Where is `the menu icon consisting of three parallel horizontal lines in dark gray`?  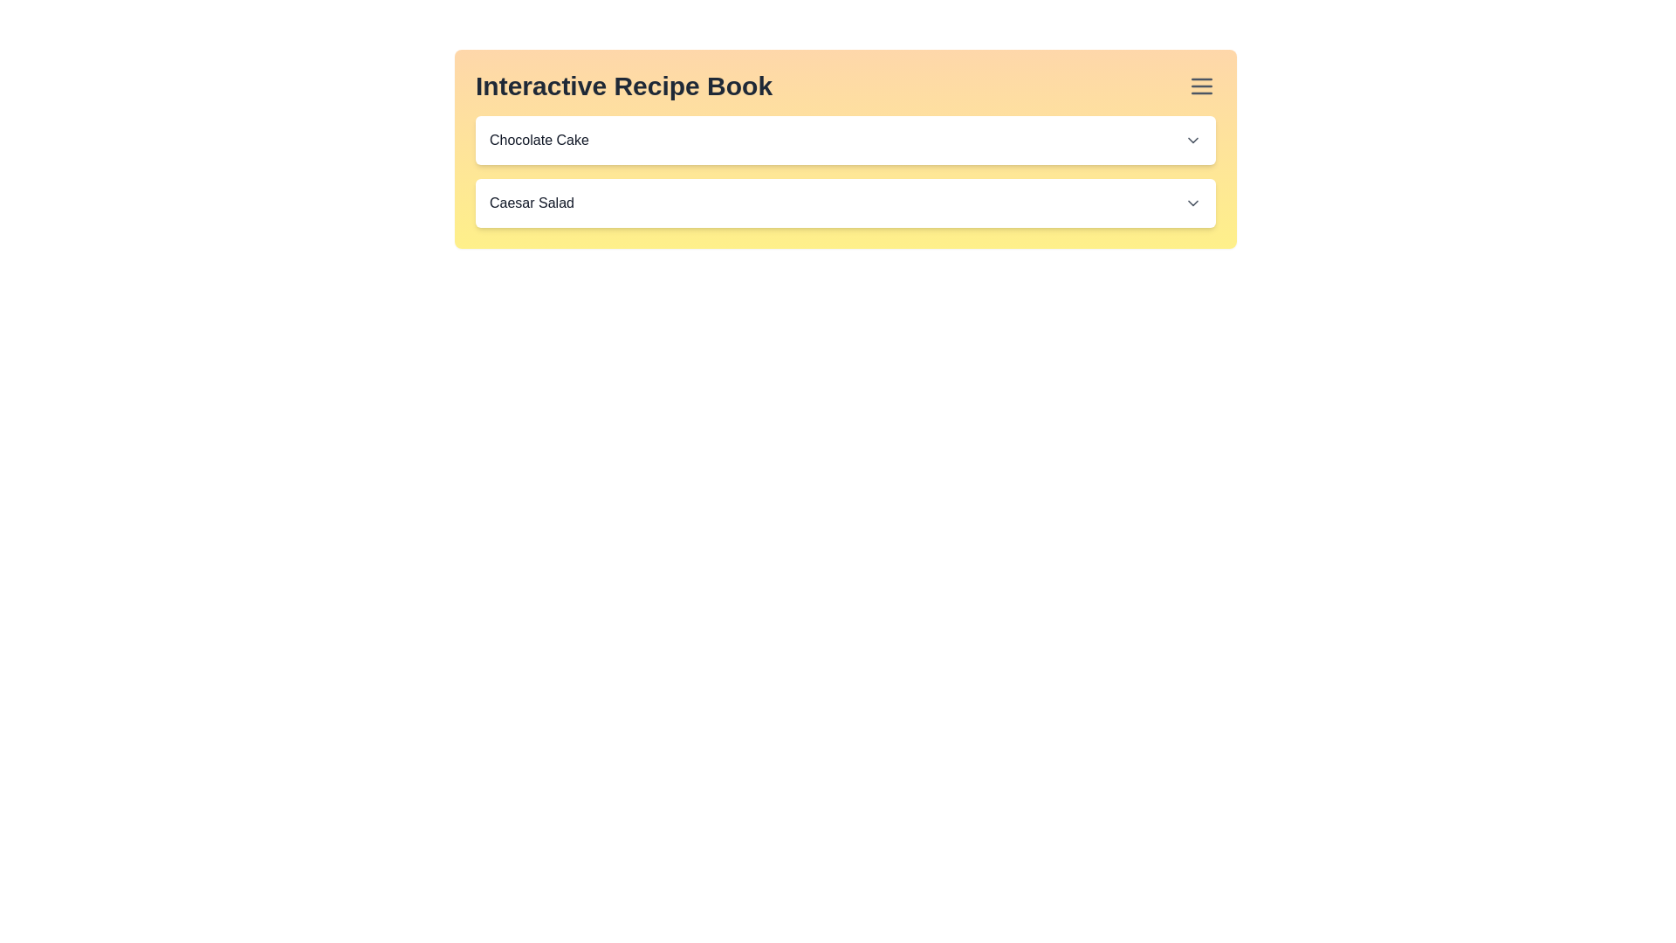 the menu icon consisting of three parallel horizontal lines in dark gray is located at coordinates (1201, 86).